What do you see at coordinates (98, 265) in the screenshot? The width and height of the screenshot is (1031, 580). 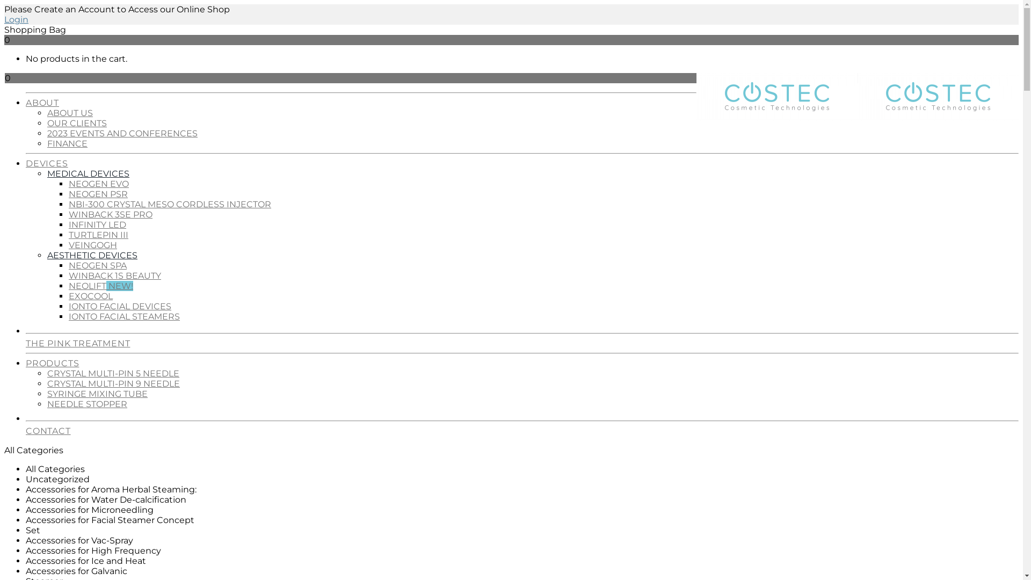 I see `'NEOGEN SPA'` at bounding box center [98, 265].